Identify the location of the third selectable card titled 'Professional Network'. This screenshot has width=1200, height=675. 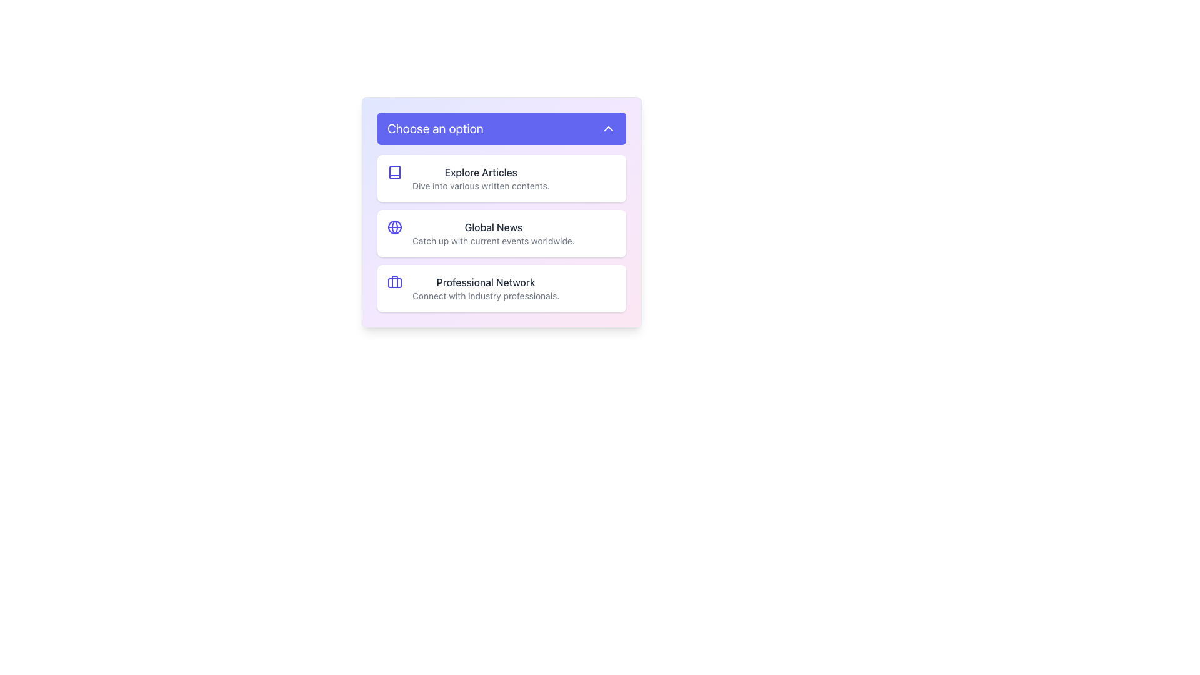
(501, 289).